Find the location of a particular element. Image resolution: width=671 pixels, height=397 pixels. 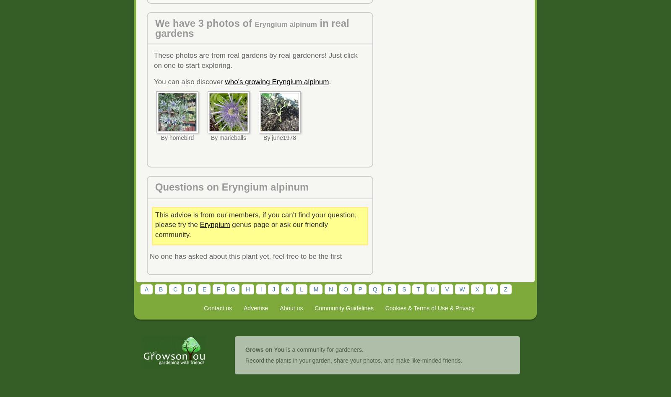

'K' is located at coordinates (287, 288).